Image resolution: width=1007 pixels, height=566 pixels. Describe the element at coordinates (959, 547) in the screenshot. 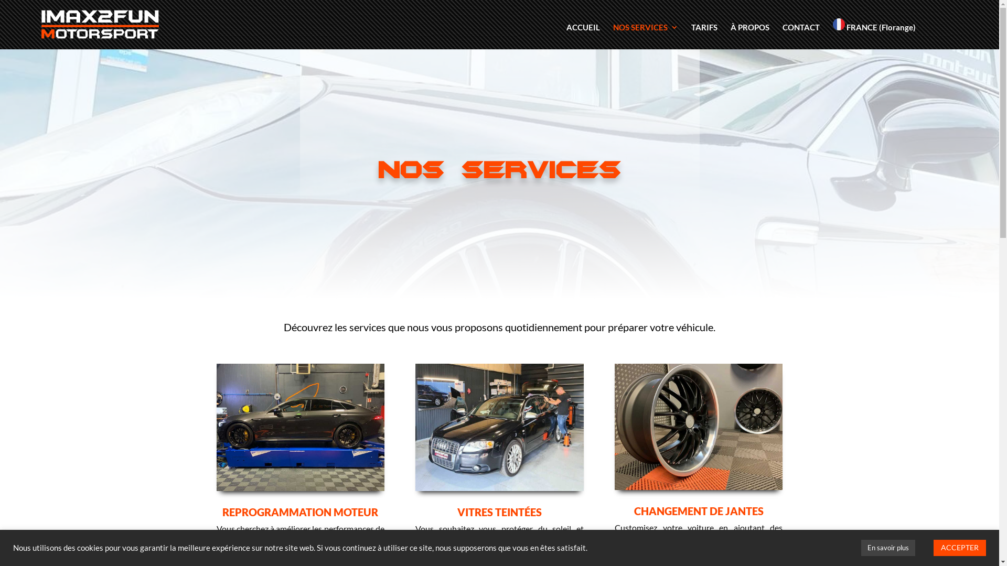

I see `'ACCEPTER'` at that location.